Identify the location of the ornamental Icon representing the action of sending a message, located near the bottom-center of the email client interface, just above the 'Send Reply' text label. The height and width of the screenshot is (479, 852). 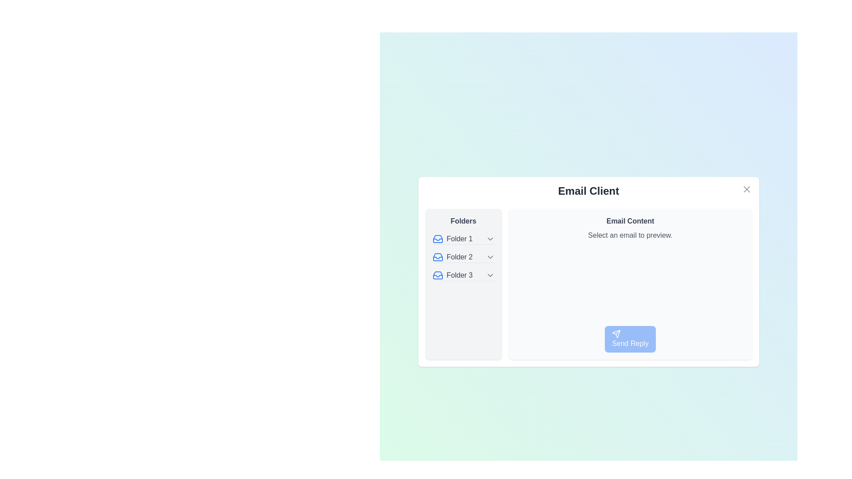
(616, 334).